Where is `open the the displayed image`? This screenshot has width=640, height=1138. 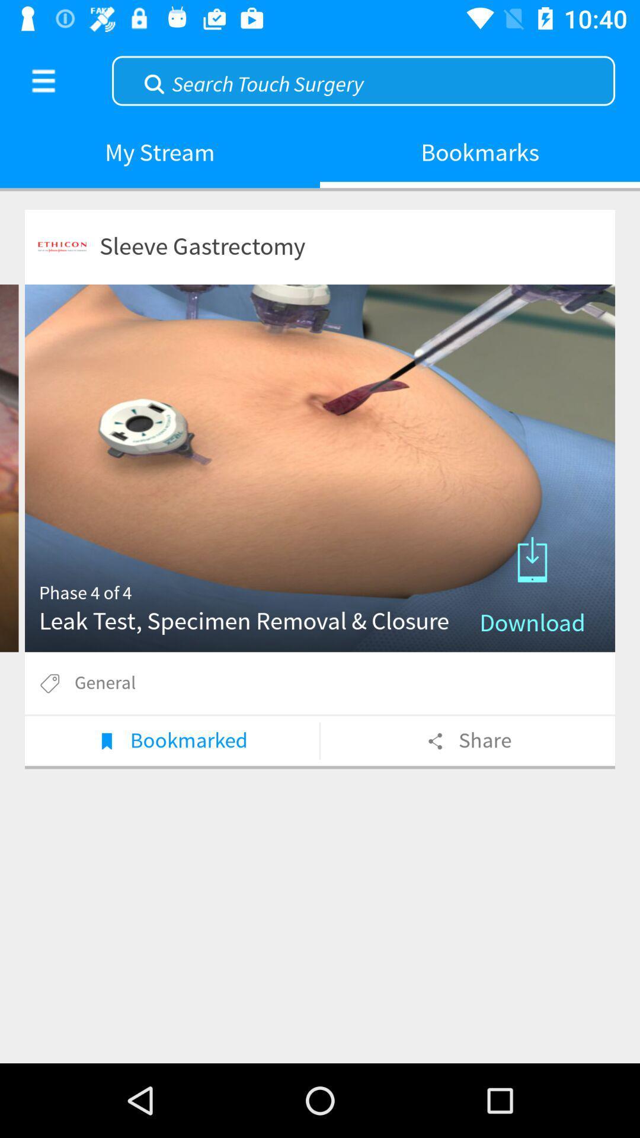 open the the displayed image is located at coordinates (320, 468).